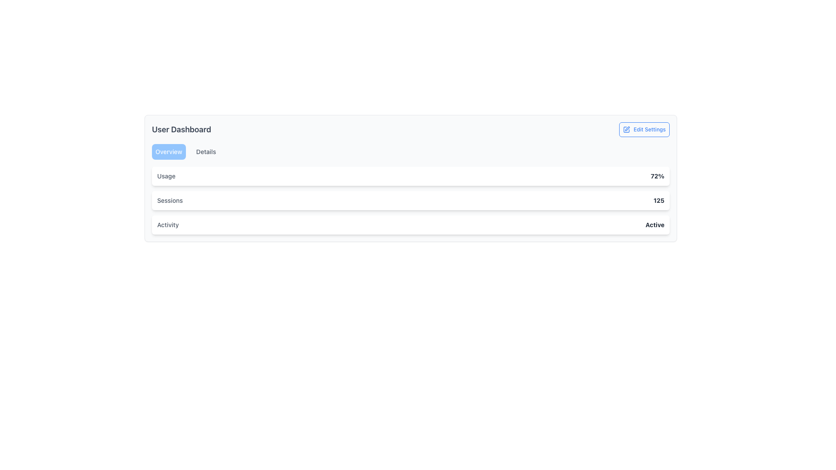 The image size is (836, 470). Describe the element at coordinates (655, 224) in the screenshot. I see `the 'Active' text label, which is bold and dark gray, located on the right side of the 'Activity' row` at that location.